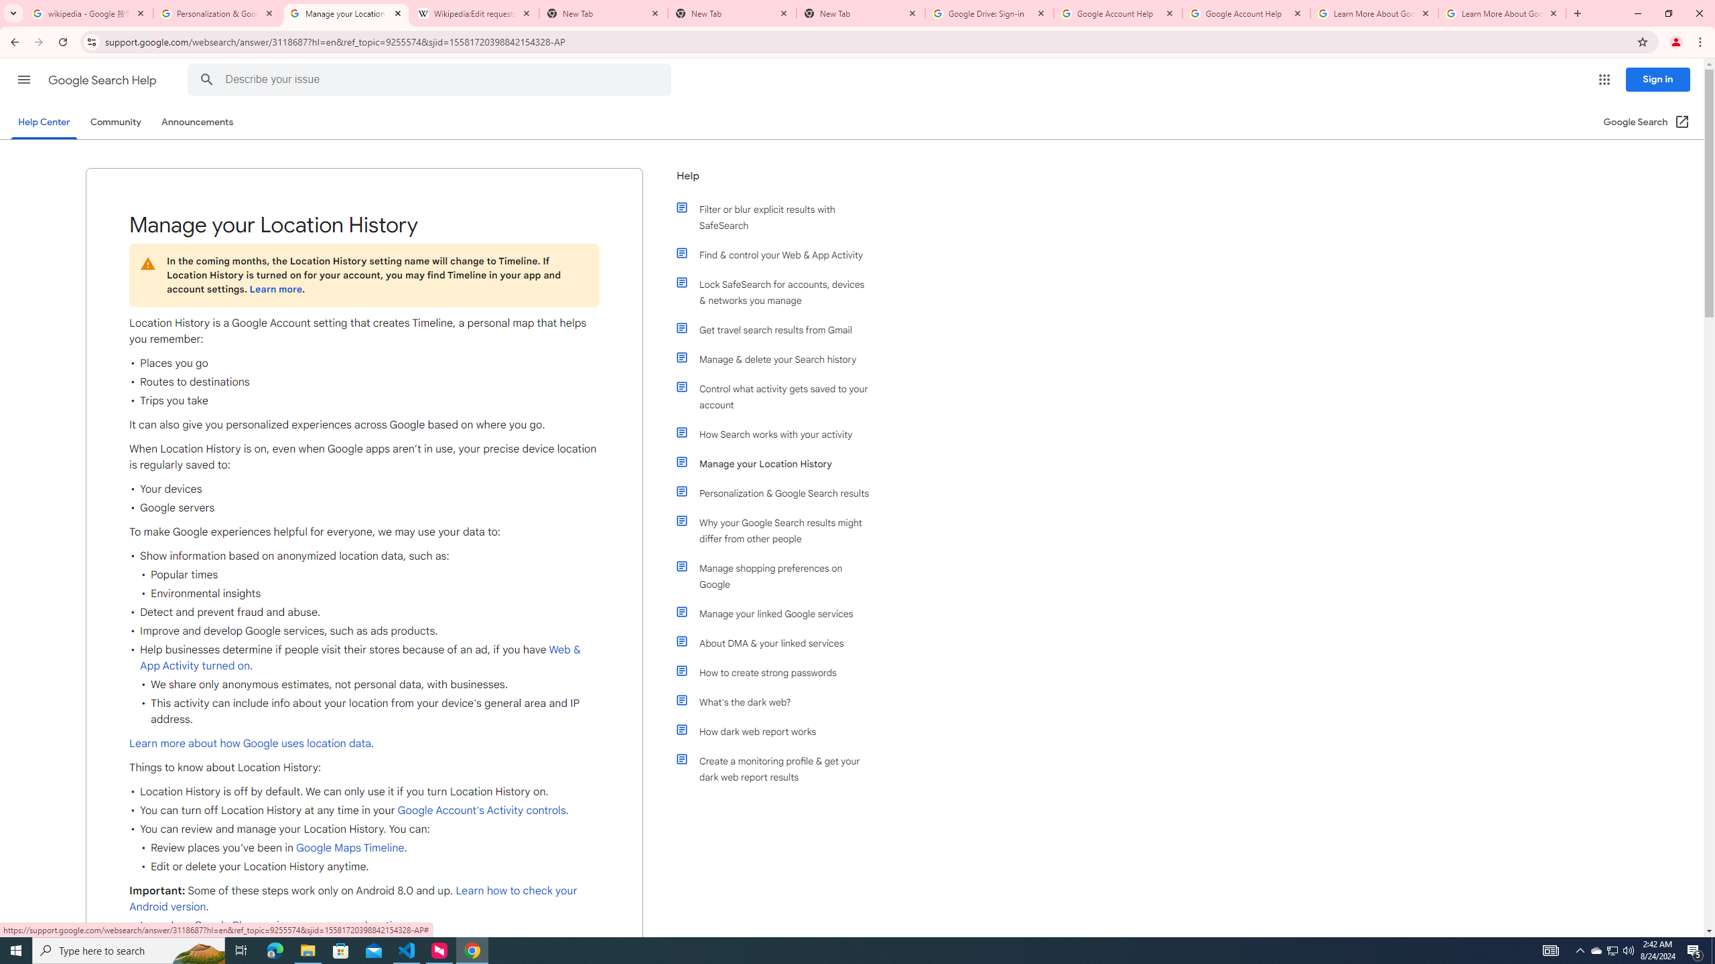 The height and width of the screenshot is (964, 1715). I want to click on 'Manage your linked Google services', so click(778, 613).